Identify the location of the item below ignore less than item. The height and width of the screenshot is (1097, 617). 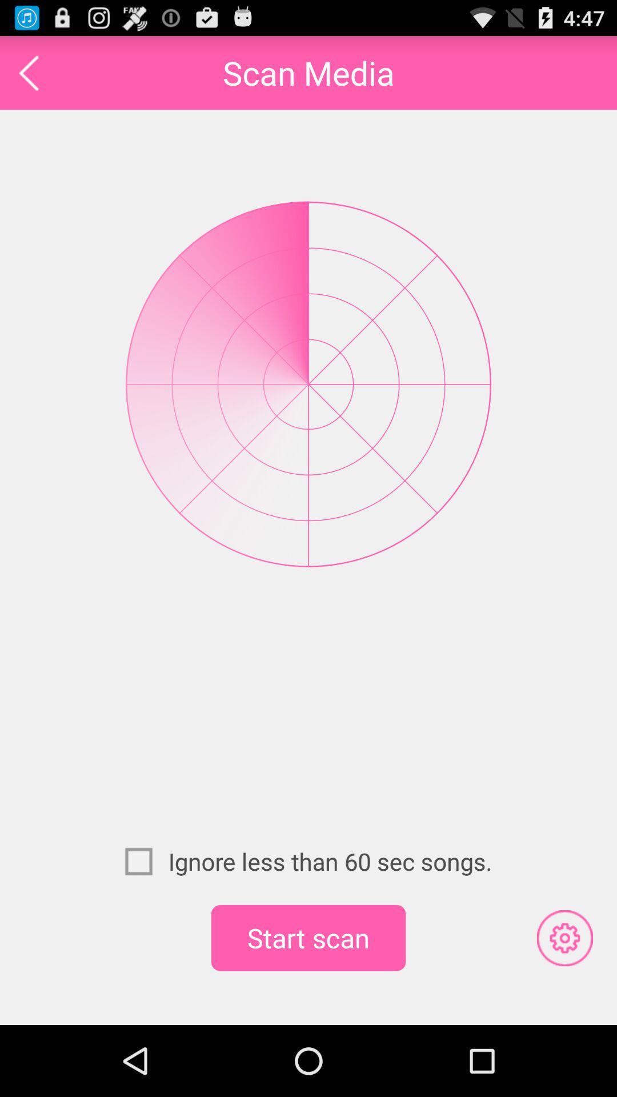
(308, 938).